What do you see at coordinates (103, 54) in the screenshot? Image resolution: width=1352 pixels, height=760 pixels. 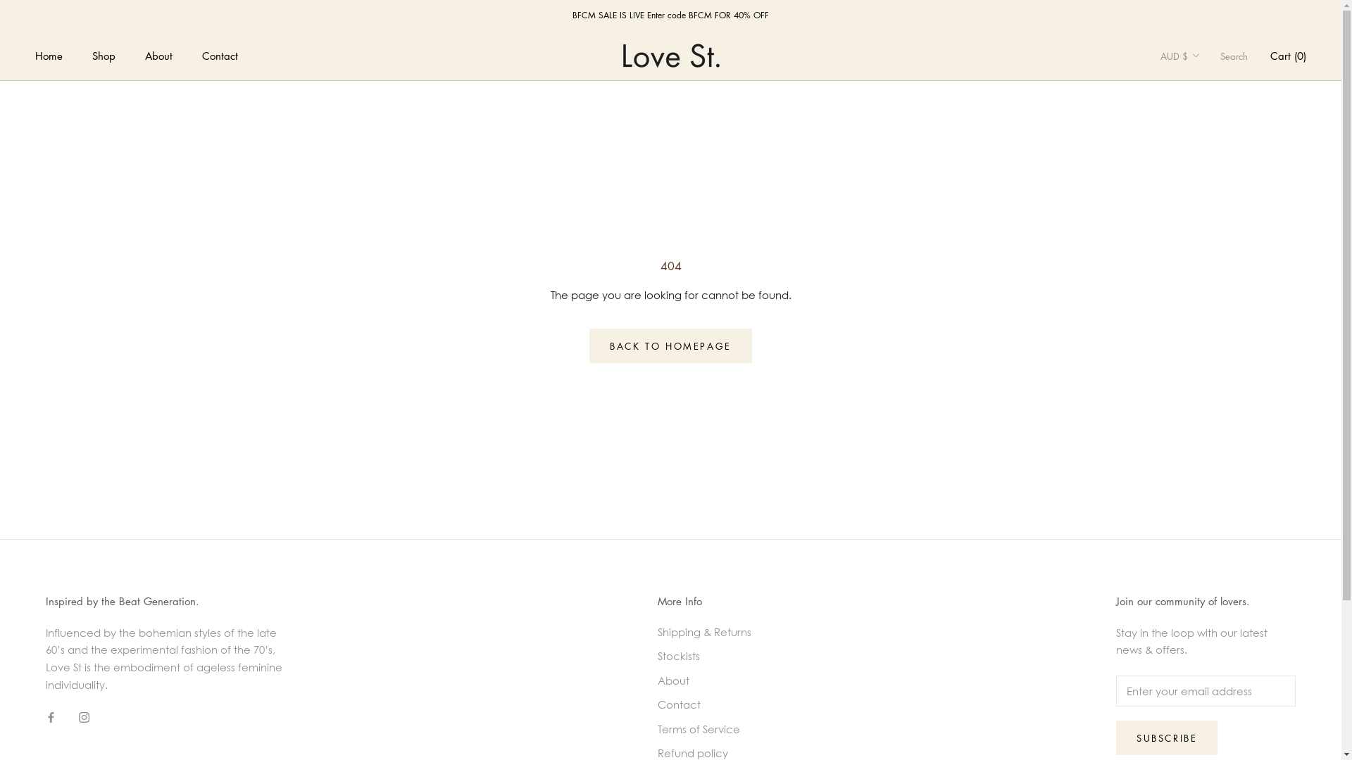 I see `'Shop'` at bounding box center [103, 54].